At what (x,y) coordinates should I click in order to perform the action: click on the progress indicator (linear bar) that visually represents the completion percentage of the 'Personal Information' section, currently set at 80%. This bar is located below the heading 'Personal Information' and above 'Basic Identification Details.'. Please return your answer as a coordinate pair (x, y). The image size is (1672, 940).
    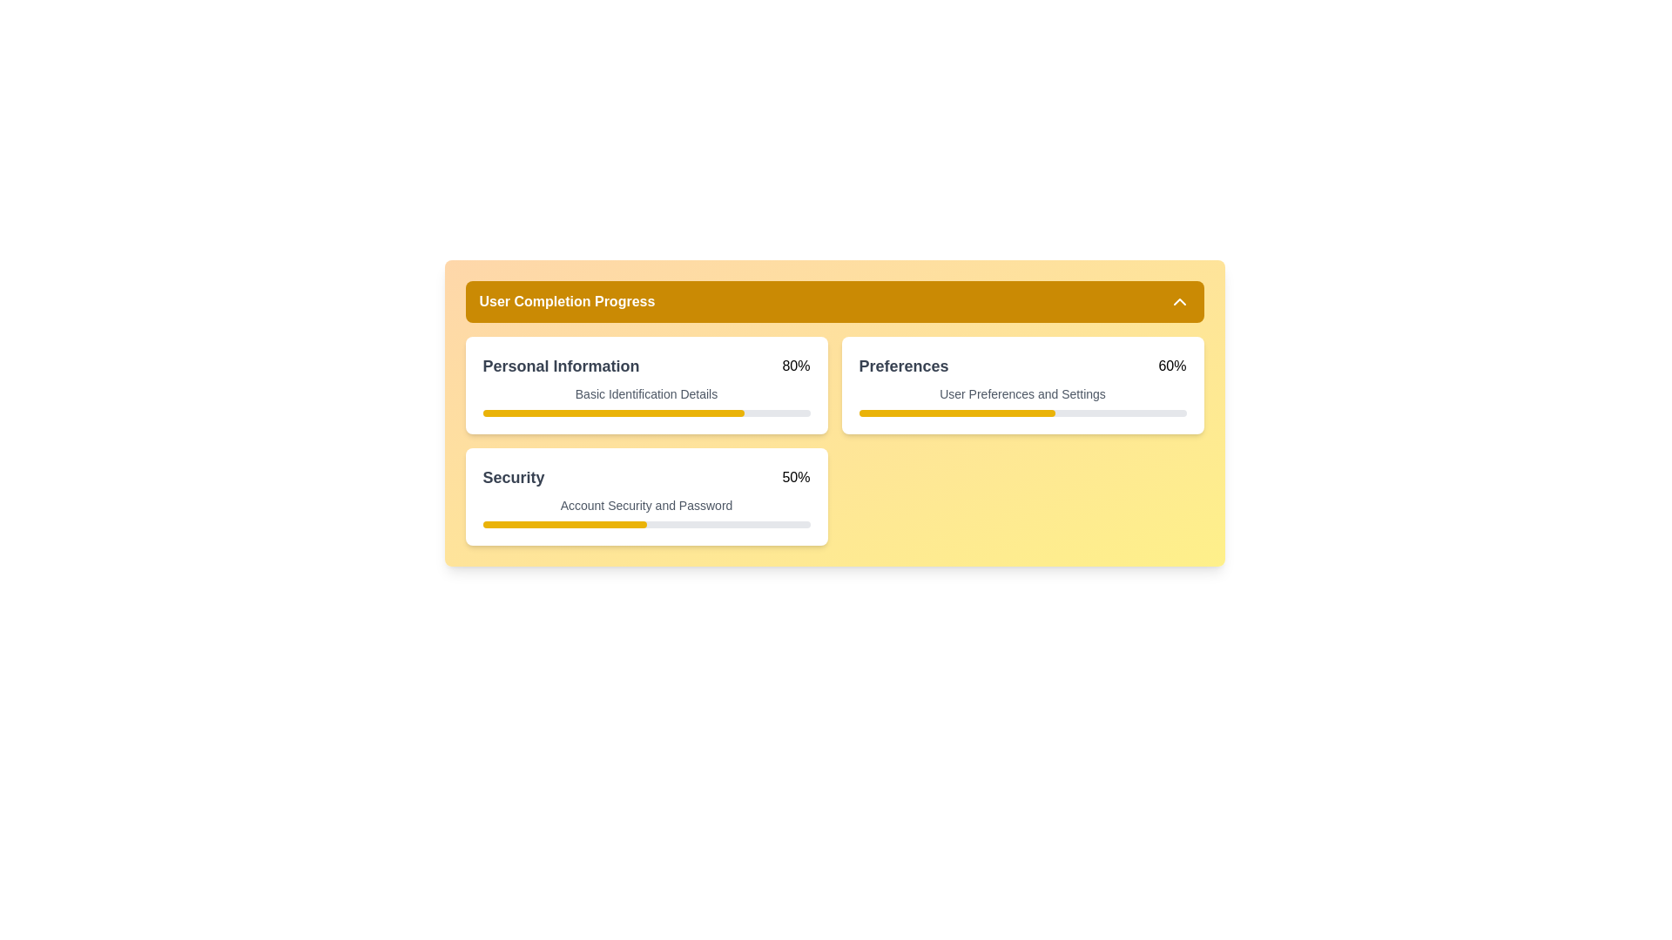
    Looking at the image, I should click on (645, 413).